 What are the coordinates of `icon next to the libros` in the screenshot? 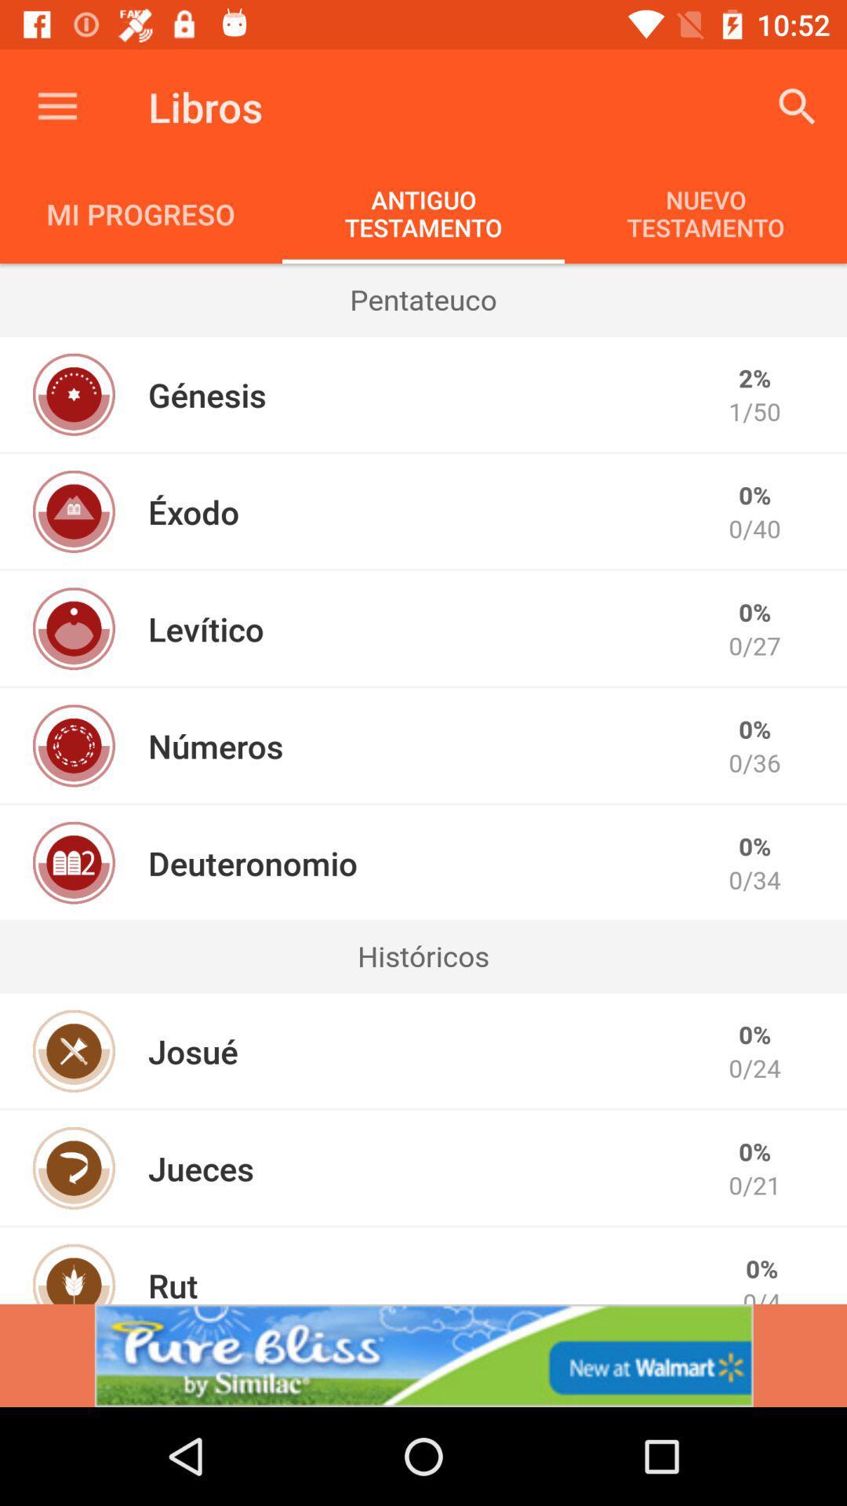 It's located at (798, 106).